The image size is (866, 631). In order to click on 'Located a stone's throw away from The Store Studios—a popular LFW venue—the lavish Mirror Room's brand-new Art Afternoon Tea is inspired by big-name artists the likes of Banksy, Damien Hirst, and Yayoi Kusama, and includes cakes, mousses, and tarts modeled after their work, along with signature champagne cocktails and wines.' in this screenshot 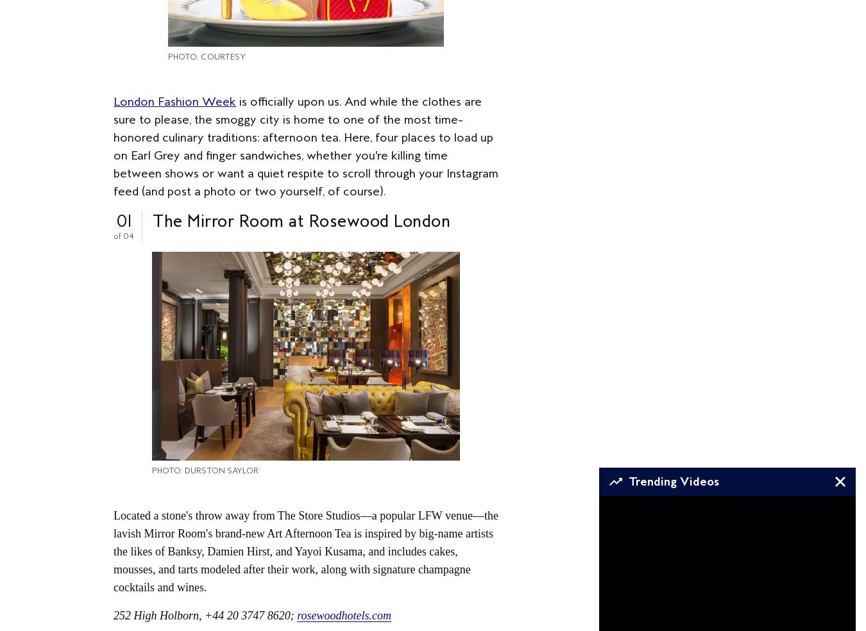, I will do `click(113, 550)`.